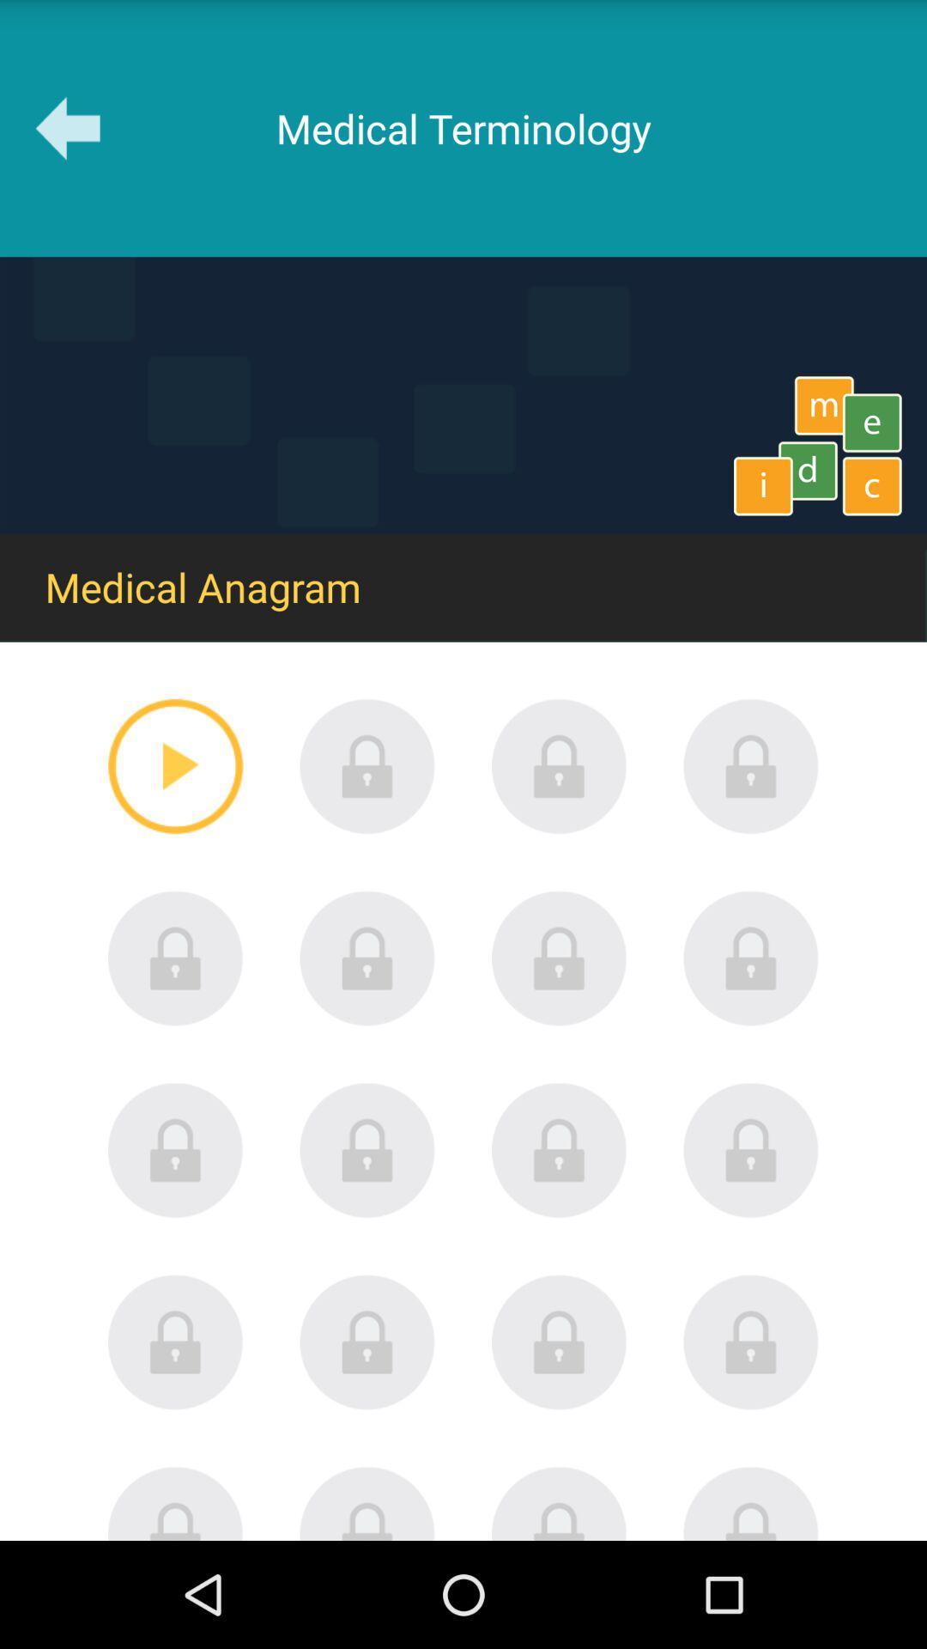 The image size is (927, 1649). What do you see at coordinates (559, 958) in the screenshot?
I see `padlock blocked` at bounding box center [559, 958].